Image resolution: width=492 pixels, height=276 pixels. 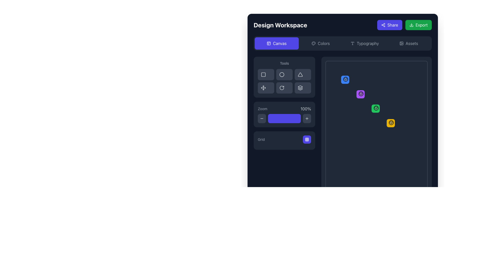 I want to click on the small square icon with an outlined design and a cross inside, located to the left of the 'Canvas' button in the top navigation bar, so click(x=269, y=43).